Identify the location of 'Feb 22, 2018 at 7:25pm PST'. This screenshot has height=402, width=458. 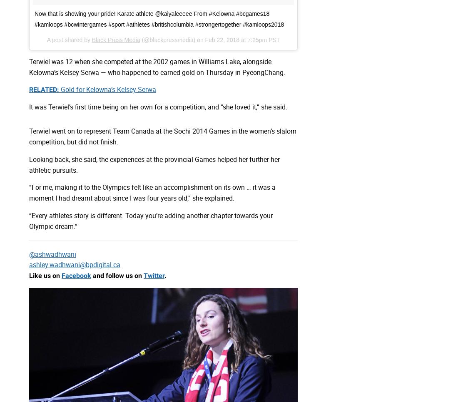
(242, 39).